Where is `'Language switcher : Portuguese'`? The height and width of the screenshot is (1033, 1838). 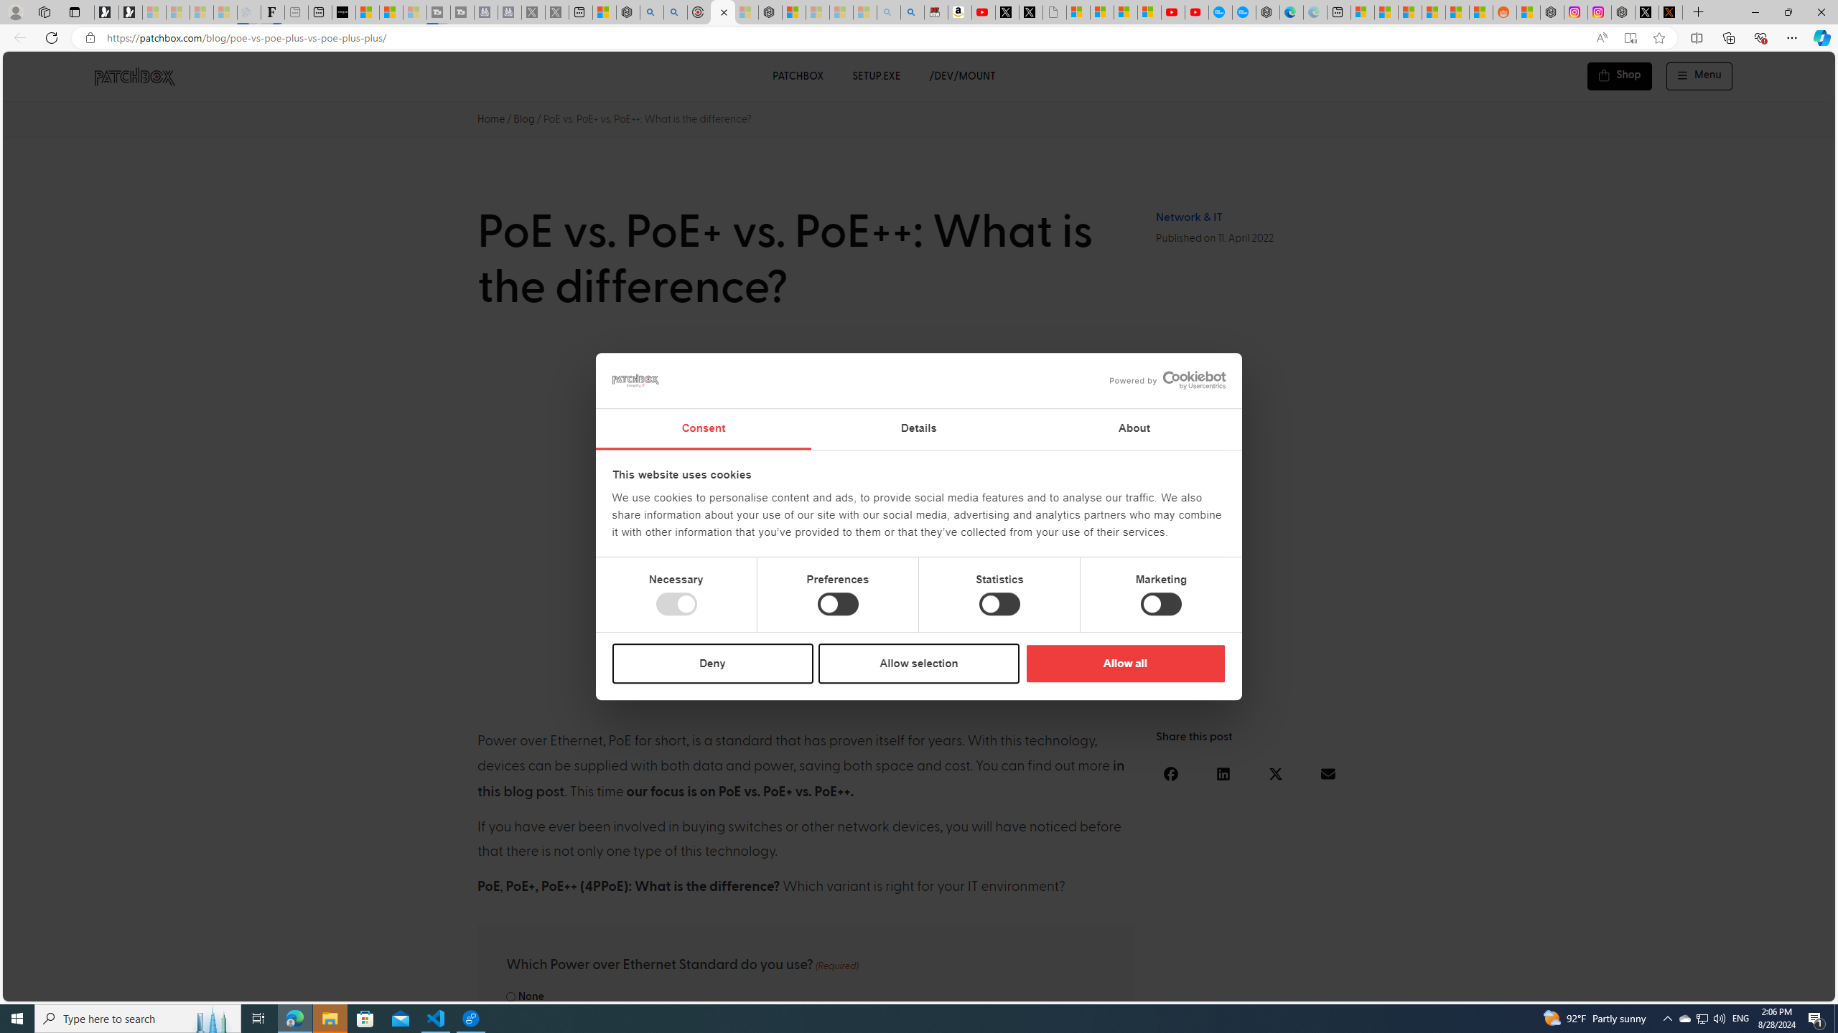
'Language switcher : Portuguese' is located at coordinates (1770, 987).